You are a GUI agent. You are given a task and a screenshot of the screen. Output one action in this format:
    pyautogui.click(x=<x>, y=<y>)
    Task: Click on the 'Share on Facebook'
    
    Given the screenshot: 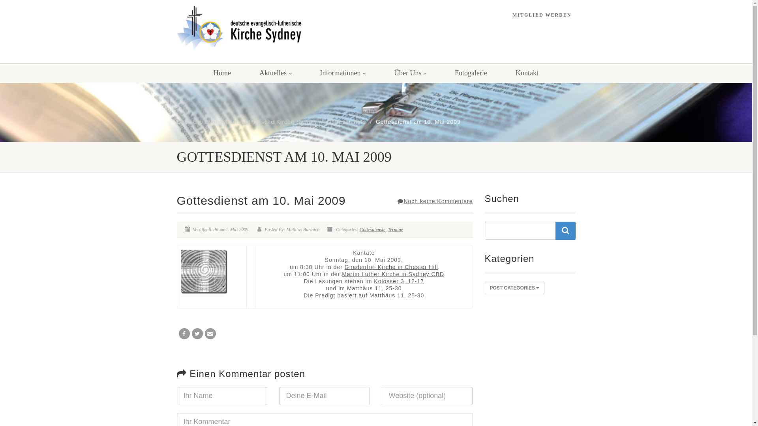 What is the action you would take?
    pyautogui.click(x=183, y=333)
    